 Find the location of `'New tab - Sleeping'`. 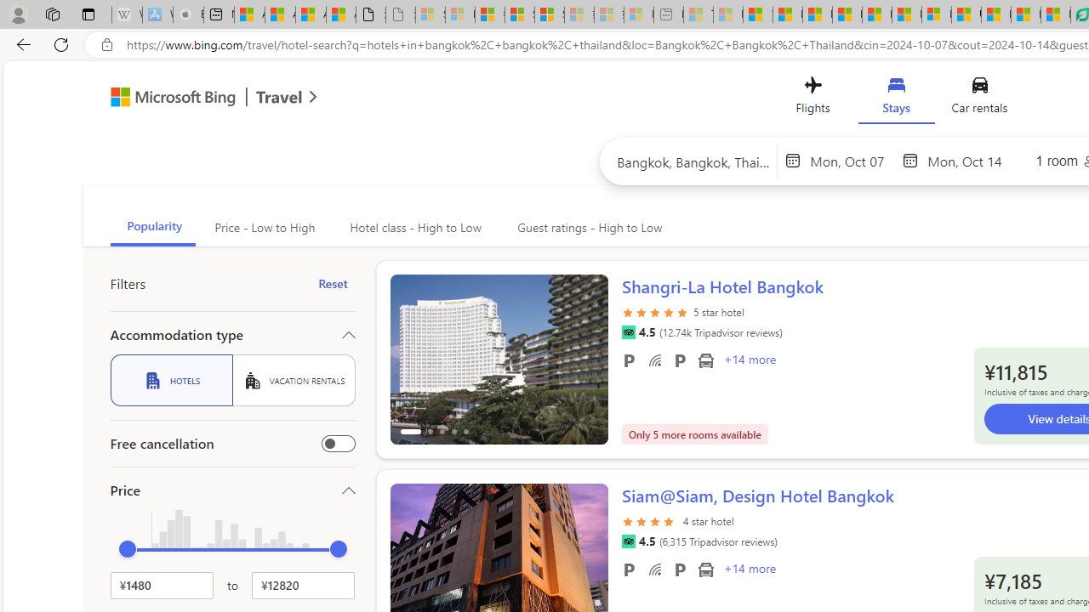

'New tab - Sleeping' is located at coordinates (667, 14).